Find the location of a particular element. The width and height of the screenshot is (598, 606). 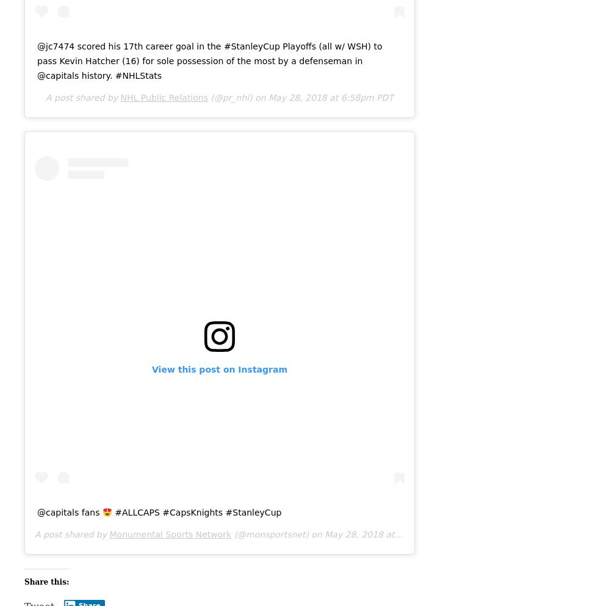

'View this post on Instagram' is located at coordinates (152, 369).